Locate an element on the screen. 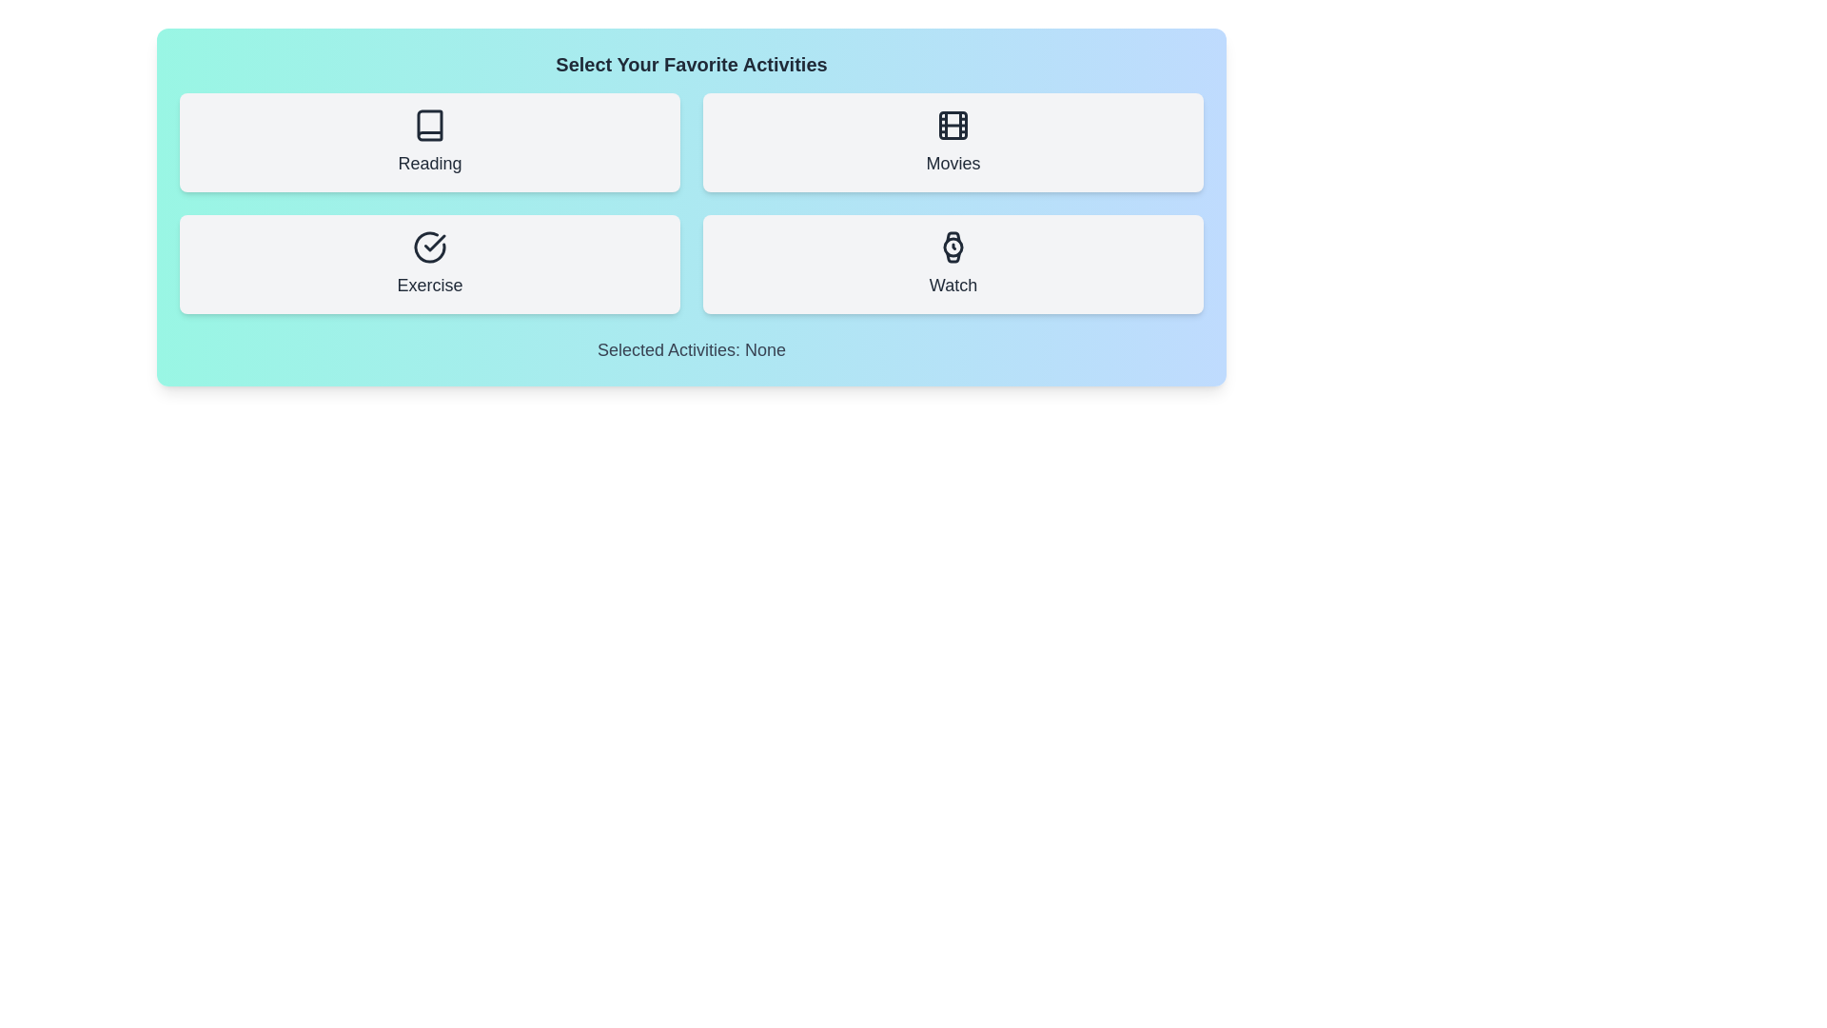  the background of the component is located at coordinates (690, 497).